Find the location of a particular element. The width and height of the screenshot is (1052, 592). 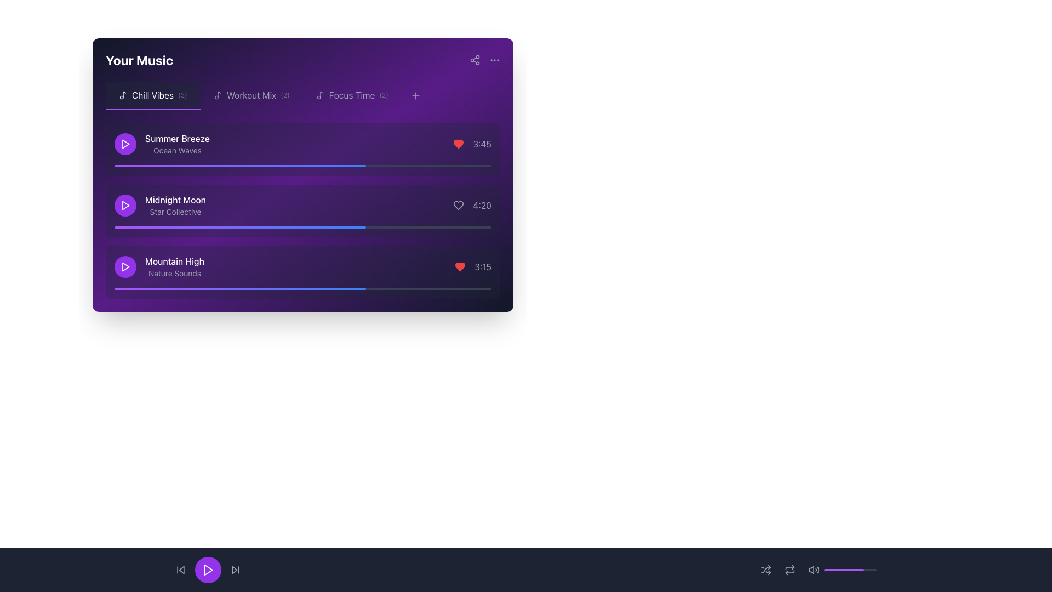

the 'Focus Time' tab, which is the third tab in the horizontal list of selectable tabs at the top-right of the main interface is located at coordinates (352, 94).